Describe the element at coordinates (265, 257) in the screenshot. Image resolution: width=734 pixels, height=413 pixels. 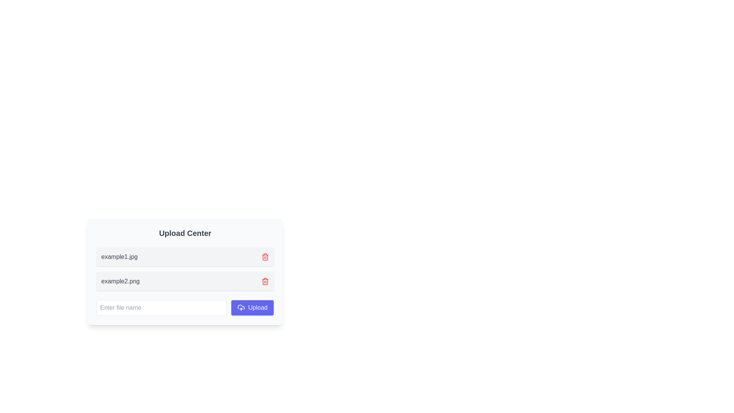
I see `the red trash icon button located at the far-right of the row containing the file name 'example1.jpg'` at that location.